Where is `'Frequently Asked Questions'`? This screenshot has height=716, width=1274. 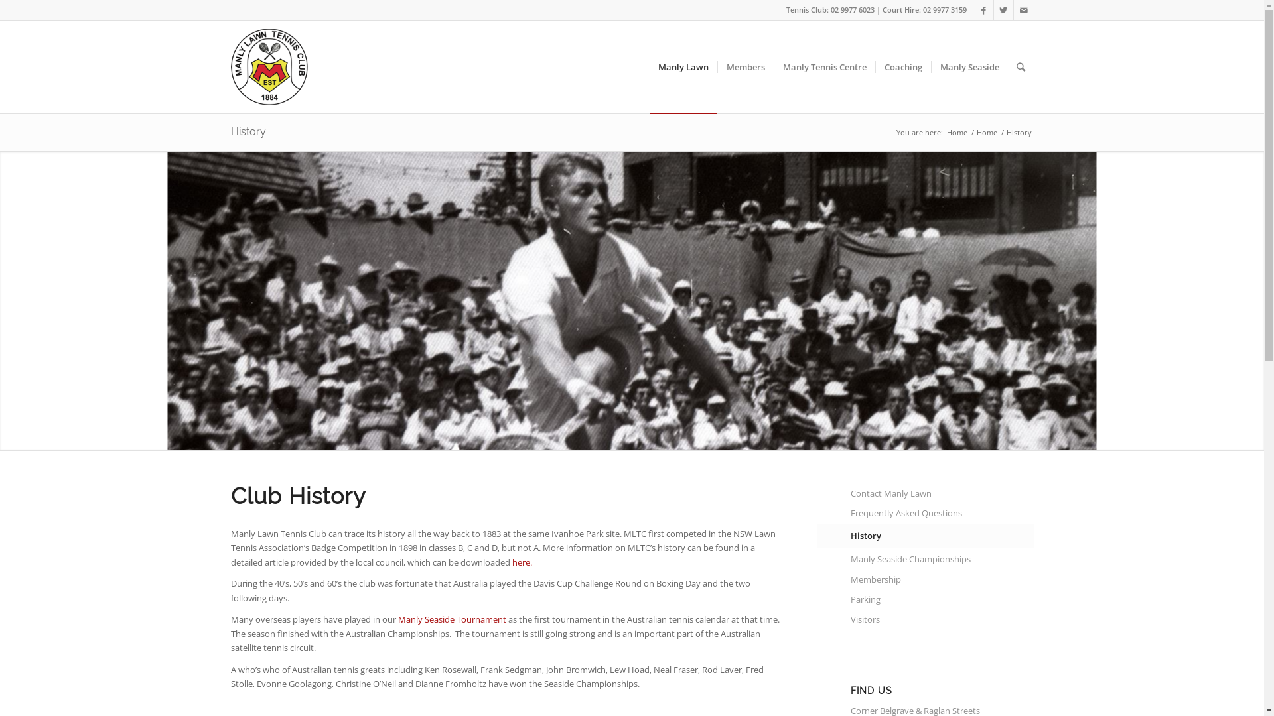 'Frequently Asked Questions' is located at coordinates (942, 513).